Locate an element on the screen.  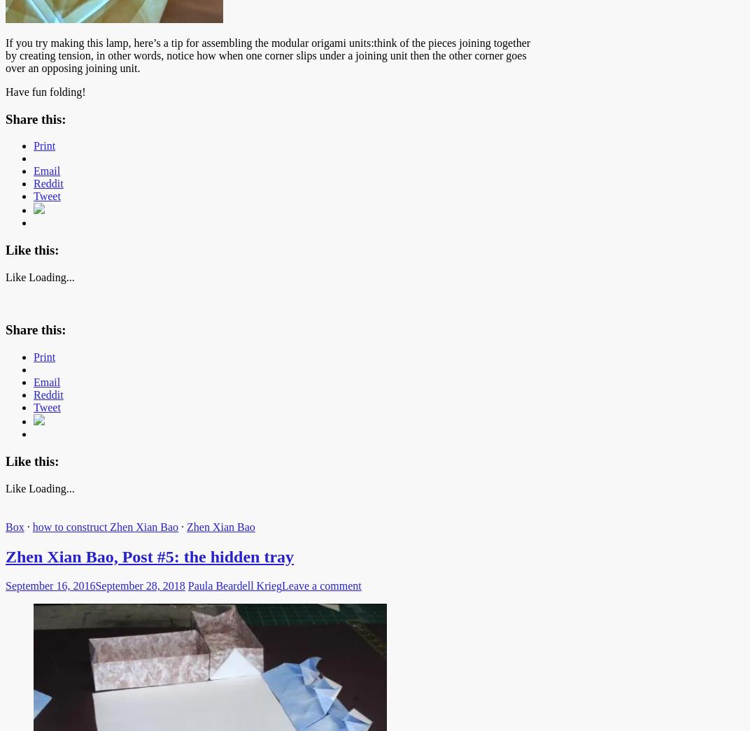
'Leave a comment' is located at coordinates (320, 585).